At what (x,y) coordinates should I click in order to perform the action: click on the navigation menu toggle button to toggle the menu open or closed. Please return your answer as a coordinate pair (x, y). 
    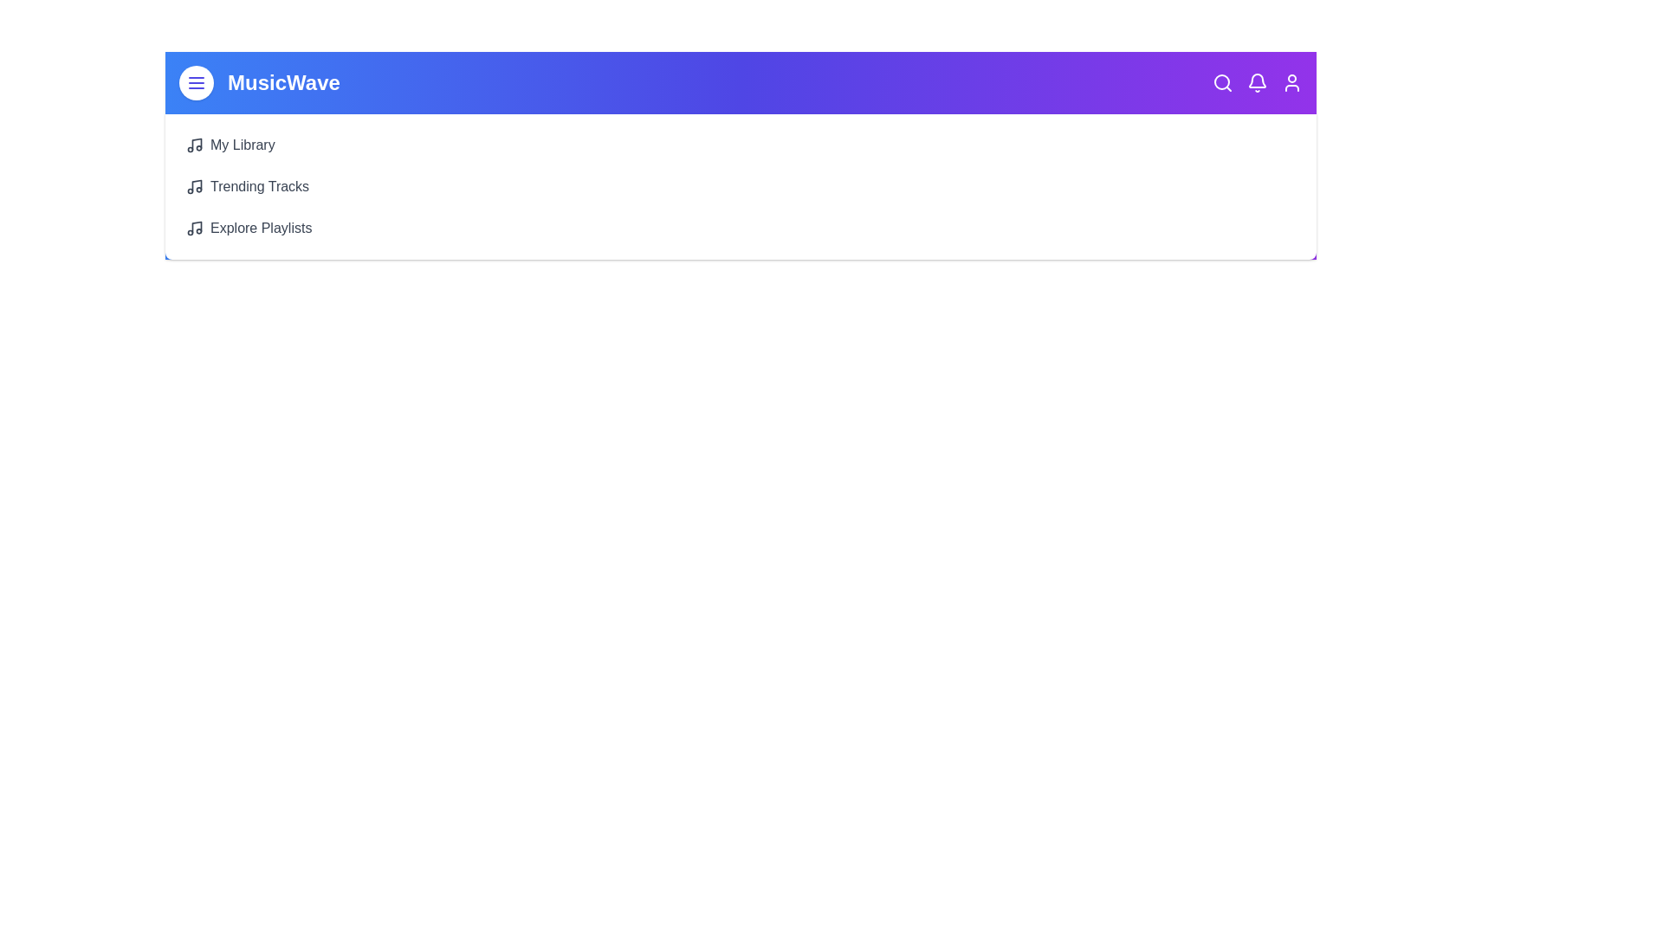
    Looking at the image, I should click on (196, 83).